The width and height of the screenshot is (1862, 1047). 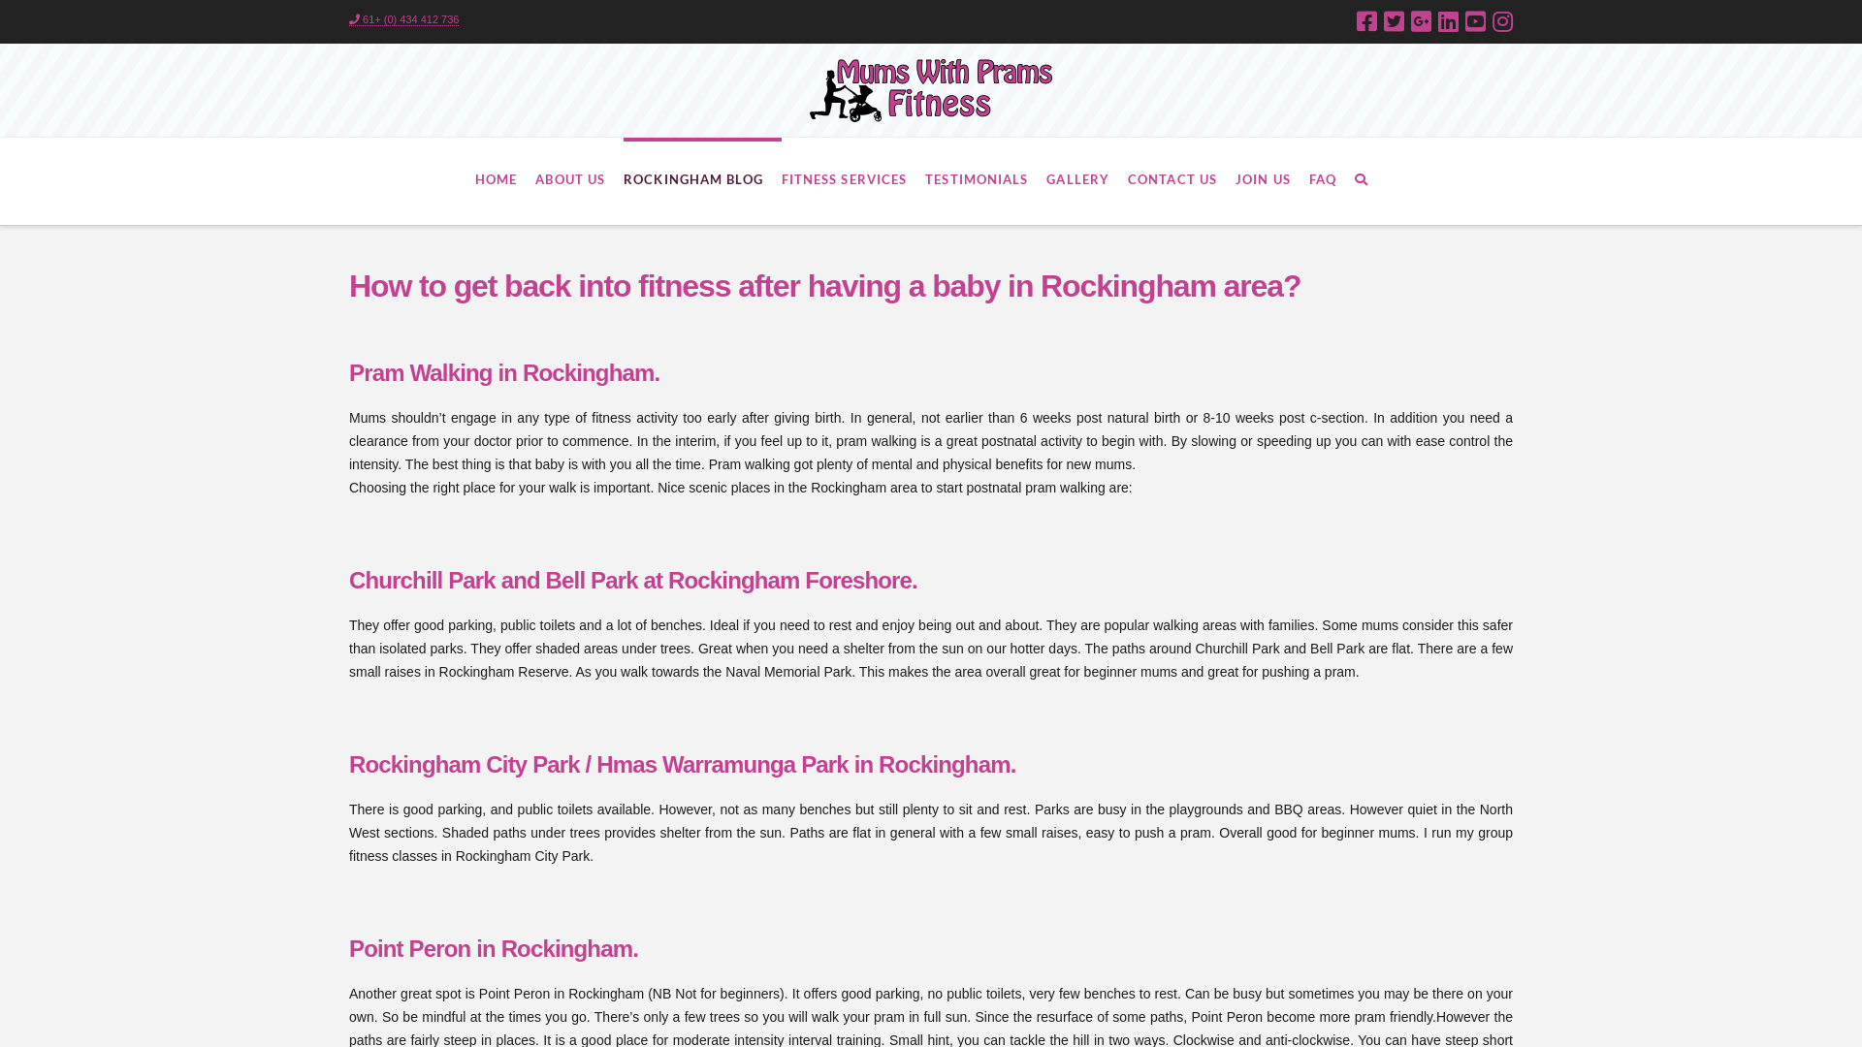 I want to click on 'Twitter', so click(x=1393, y=21).